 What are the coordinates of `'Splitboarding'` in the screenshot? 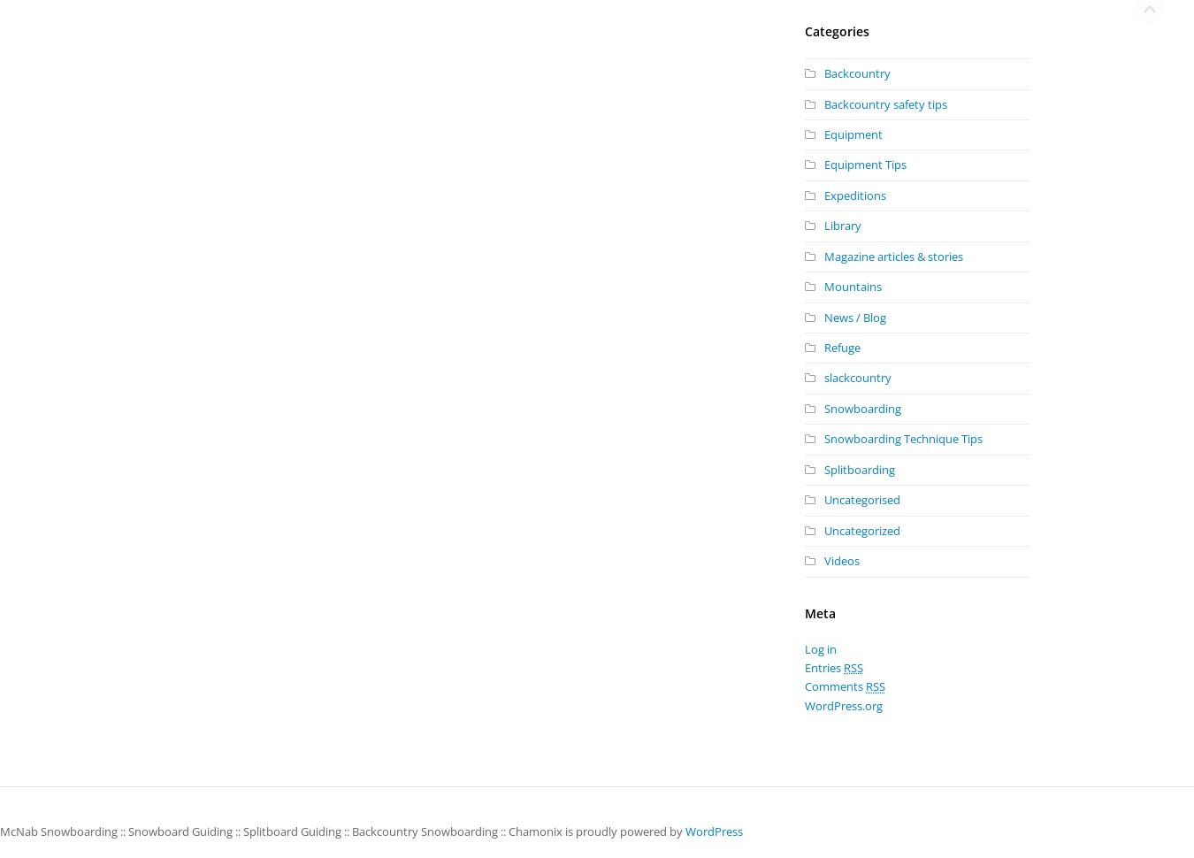 It's located at (859, 469).